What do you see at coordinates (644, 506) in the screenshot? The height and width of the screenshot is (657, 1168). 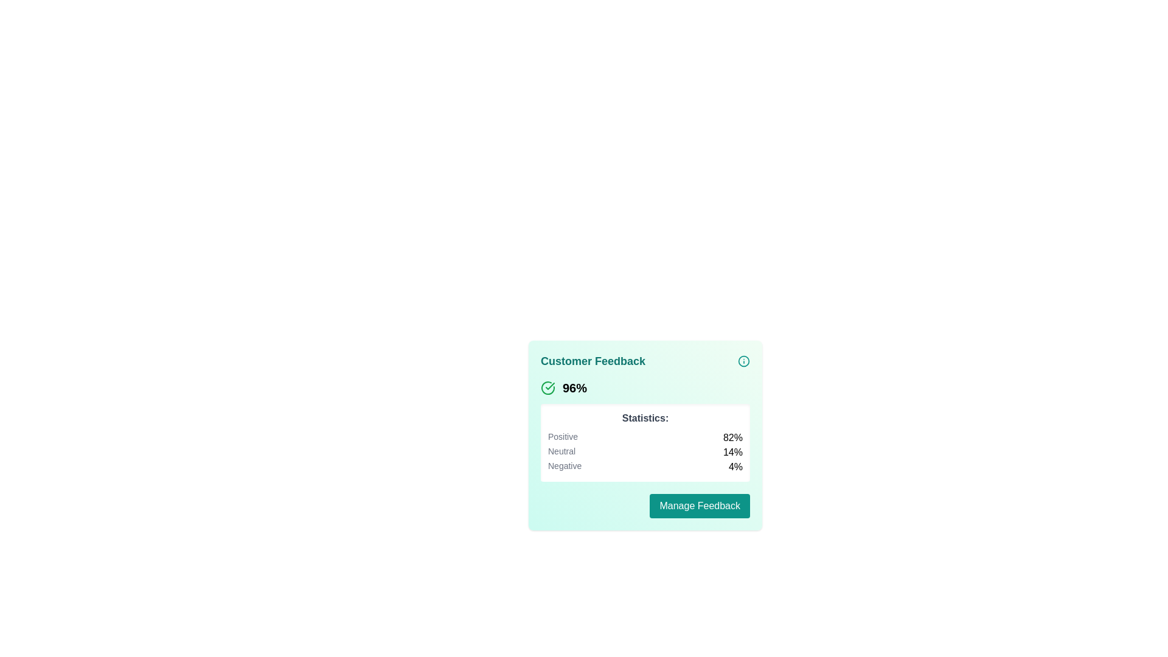 I see `the button located in the 'Customer Feedback' section` at bounding box center [644, 506].